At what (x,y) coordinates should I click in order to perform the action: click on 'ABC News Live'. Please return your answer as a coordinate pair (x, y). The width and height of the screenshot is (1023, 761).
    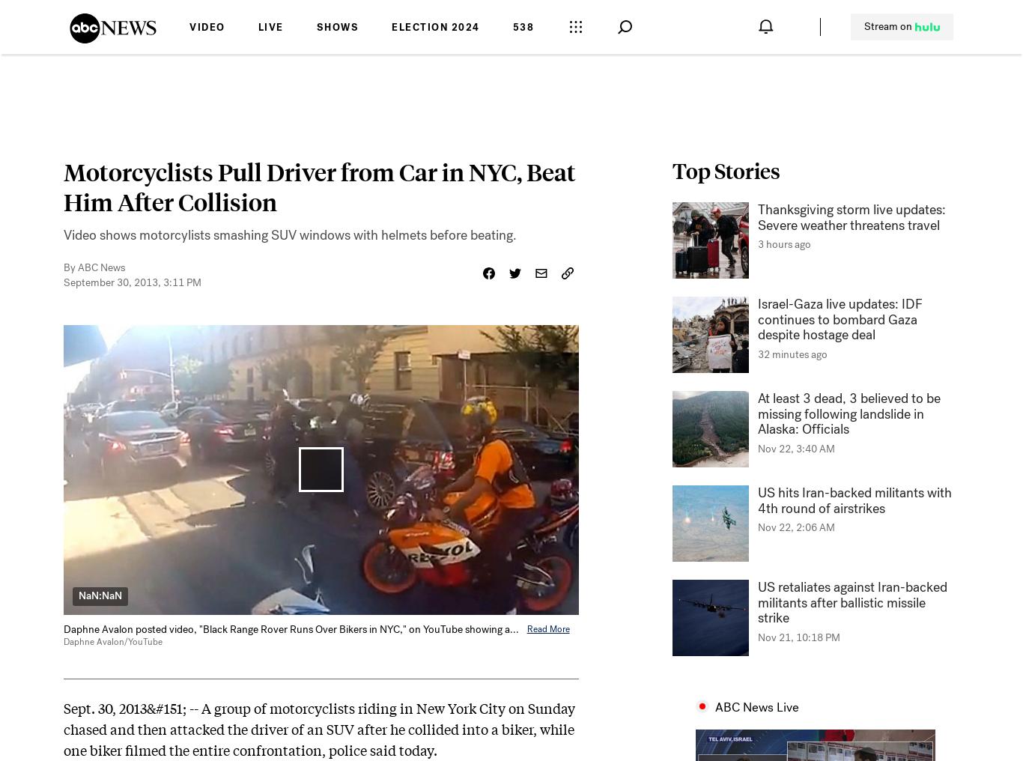
    Looking at the image, I should click on (756, 706).